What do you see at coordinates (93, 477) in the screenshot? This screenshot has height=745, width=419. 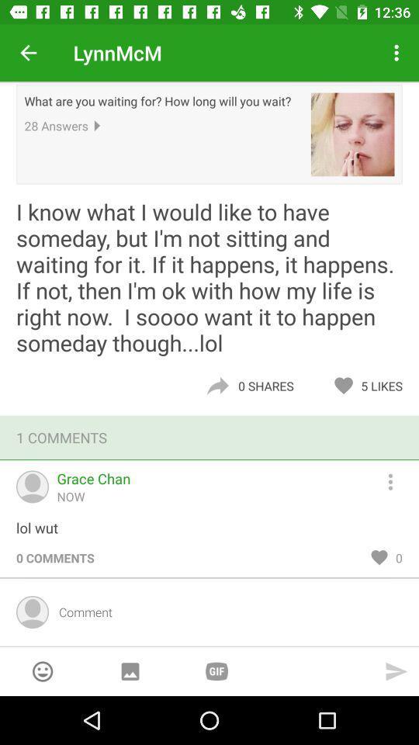 I see `the grace chan` at bounding box center [93, 477].